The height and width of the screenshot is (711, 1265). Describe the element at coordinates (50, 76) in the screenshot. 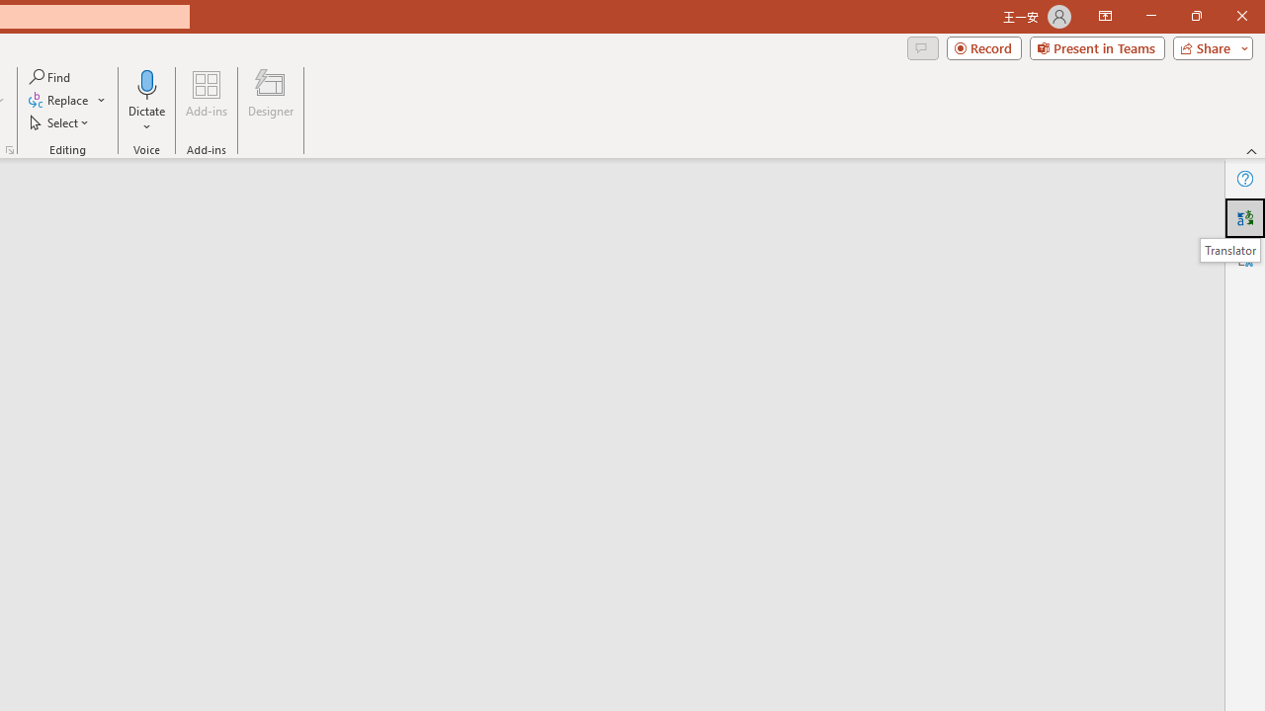

I see `'Find...'` at that location.